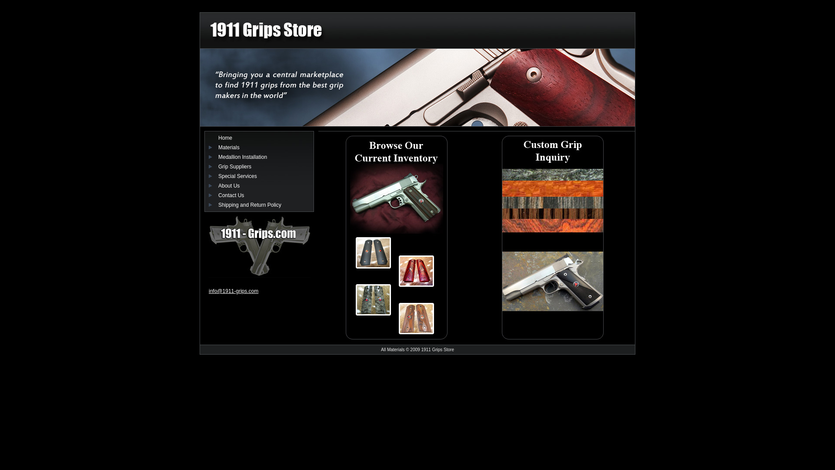  What do you see at coordinates (218, 185) in the screenshot?
I see `'About Us'` at bounding box center [218, 185].